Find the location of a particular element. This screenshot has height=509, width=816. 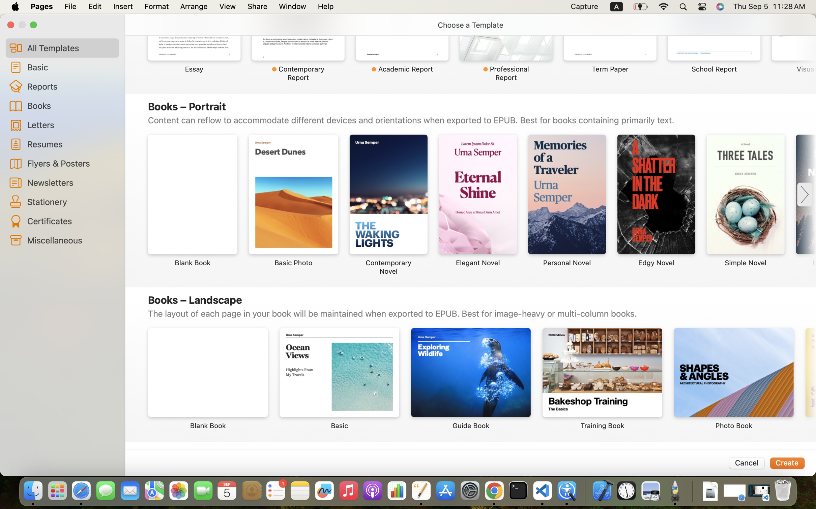

'Letters' is located at coordinates (70, 125).